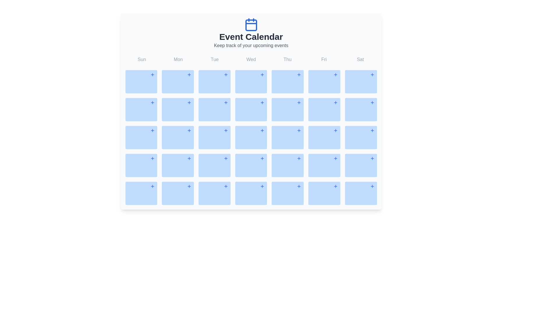 The image size is (559, 314). What do you see at coordinates (178, 138) in the screenshot?
I see `the calendar grid item located in the fourth row and third column` at bounding box center [178, 138].